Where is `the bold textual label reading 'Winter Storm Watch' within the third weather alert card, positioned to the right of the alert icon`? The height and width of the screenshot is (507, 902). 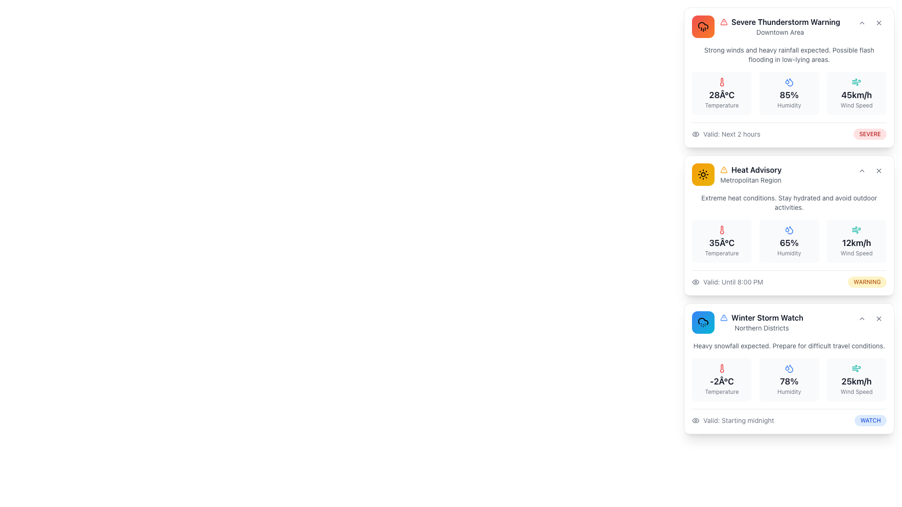
the bold textual label reading 'Winter Storm Watch' within the third weather alert card, positioned to the right of the alert icon is located at coordinates (767, 317).